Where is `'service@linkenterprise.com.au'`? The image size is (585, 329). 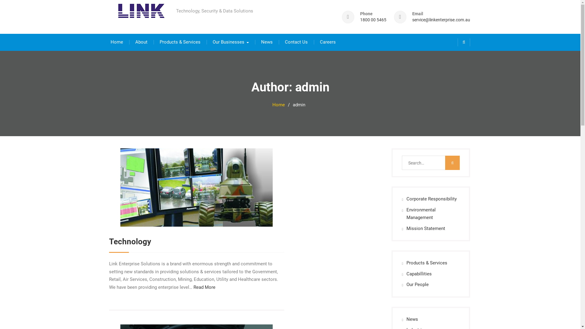 'service@linkenterprise.com.au' is located at coordinates (441, 19).